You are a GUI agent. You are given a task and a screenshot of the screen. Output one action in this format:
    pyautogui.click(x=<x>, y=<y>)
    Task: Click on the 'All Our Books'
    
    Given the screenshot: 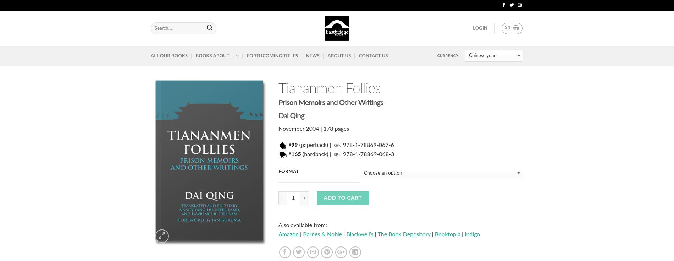 What is the action you would take?
    pyautogui.click(x=169, y=55)
    